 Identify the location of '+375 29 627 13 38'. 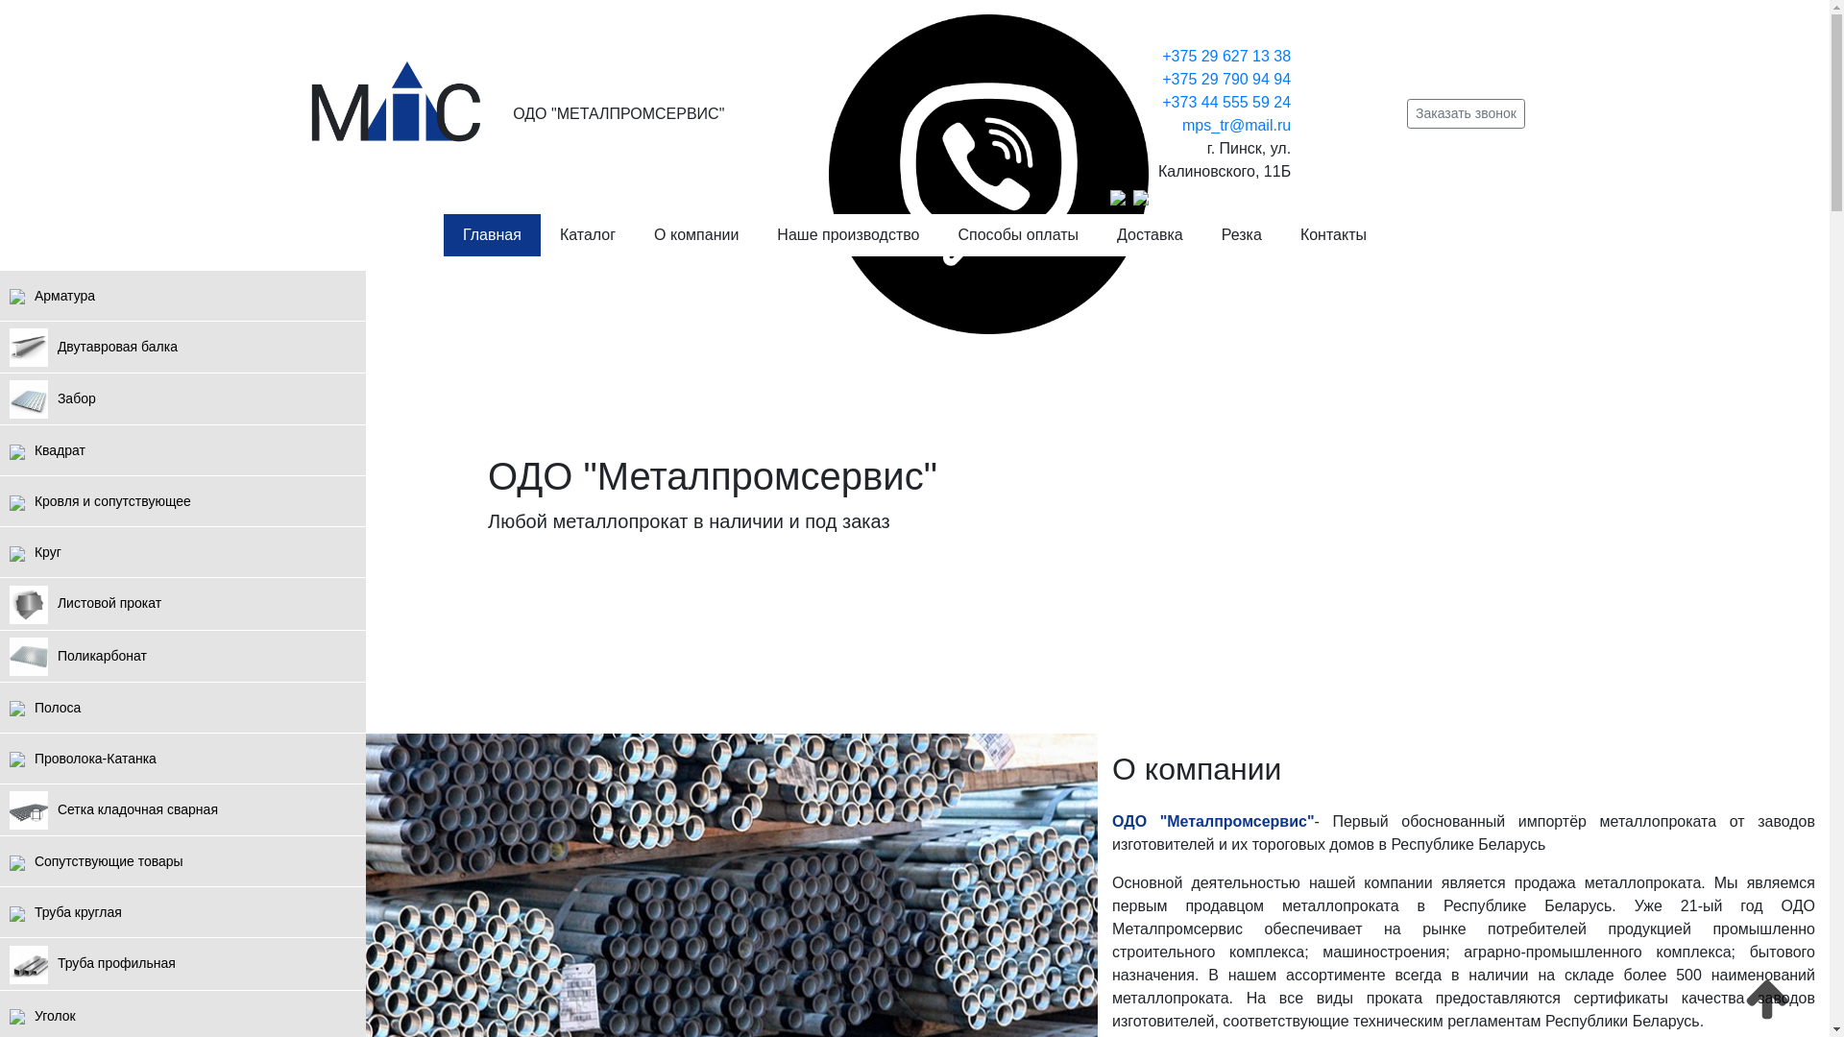
(1225, 55).